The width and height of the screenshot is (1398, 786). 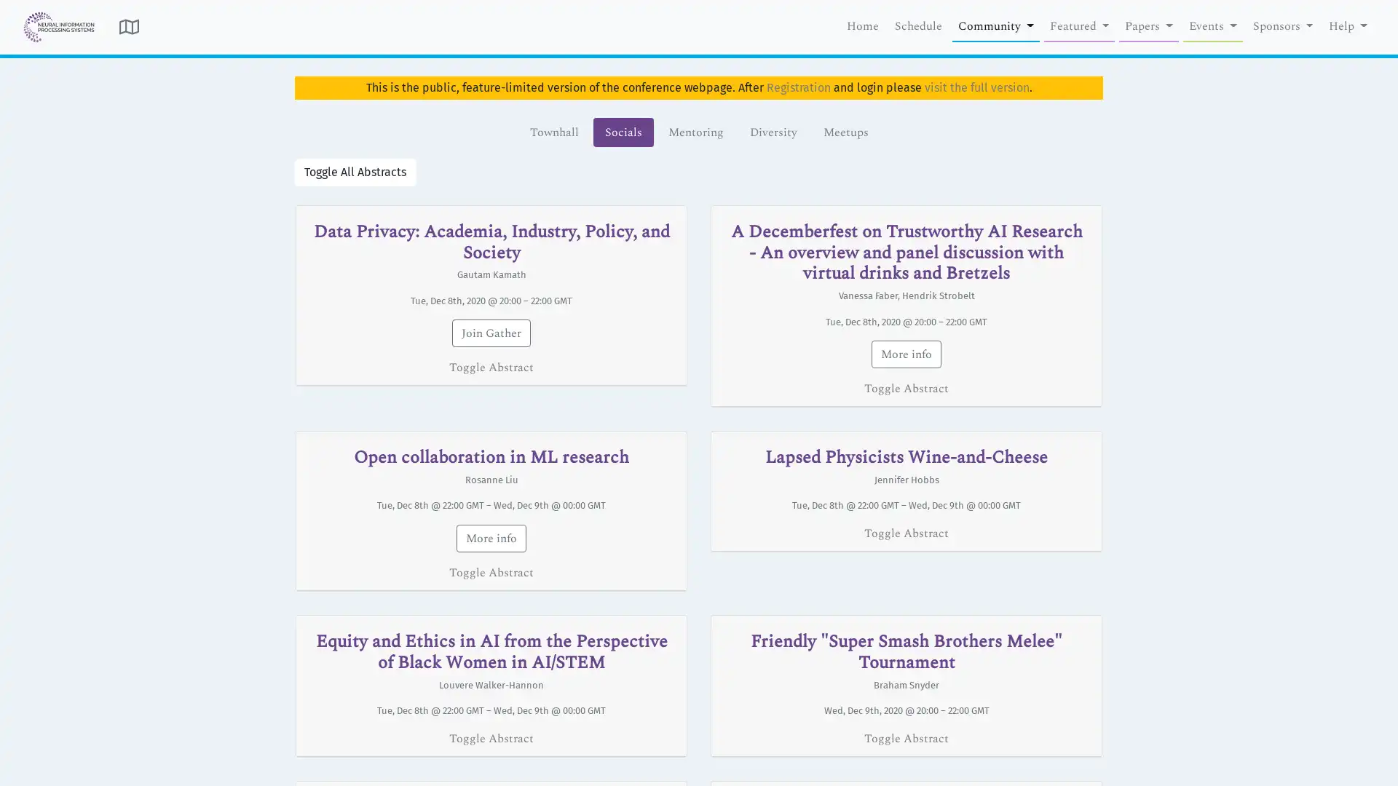 What do you see at coordinates (905, 387) in the screenshot?
I see `Toggle Abstract` at bounding box center [905, 387].